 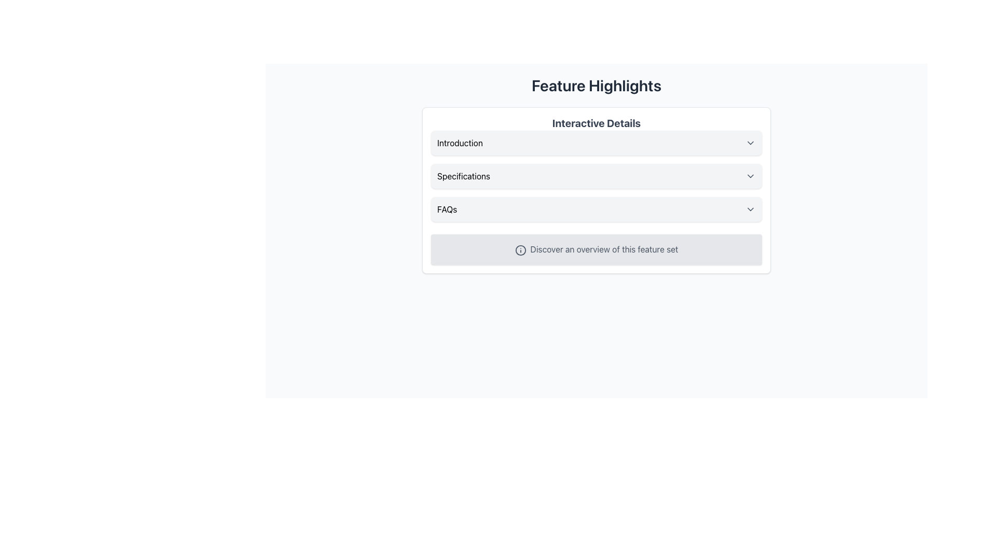 I want to click on the downward-pointing chevron icon located within the 'FAQs' component, so click(x=750, y=209).